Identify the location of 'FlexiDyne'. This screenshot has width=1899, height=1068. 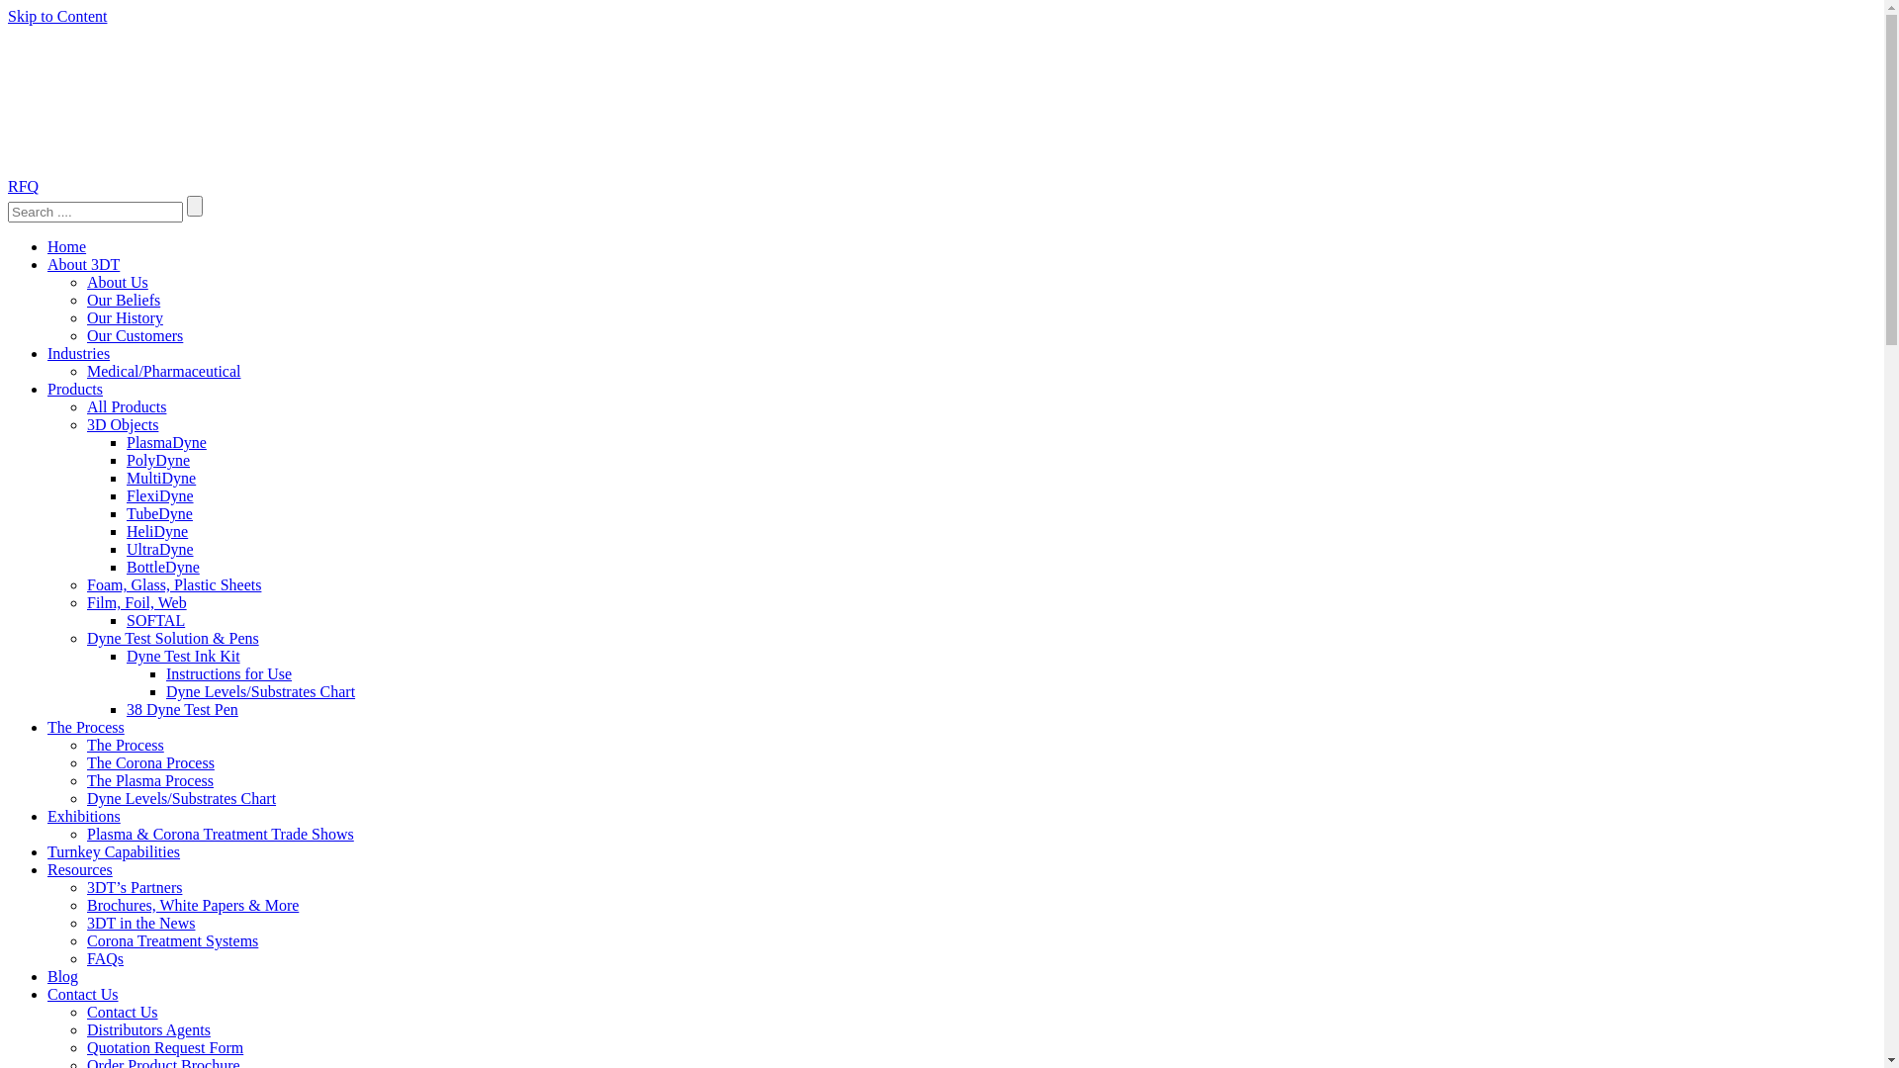
(160, 494).